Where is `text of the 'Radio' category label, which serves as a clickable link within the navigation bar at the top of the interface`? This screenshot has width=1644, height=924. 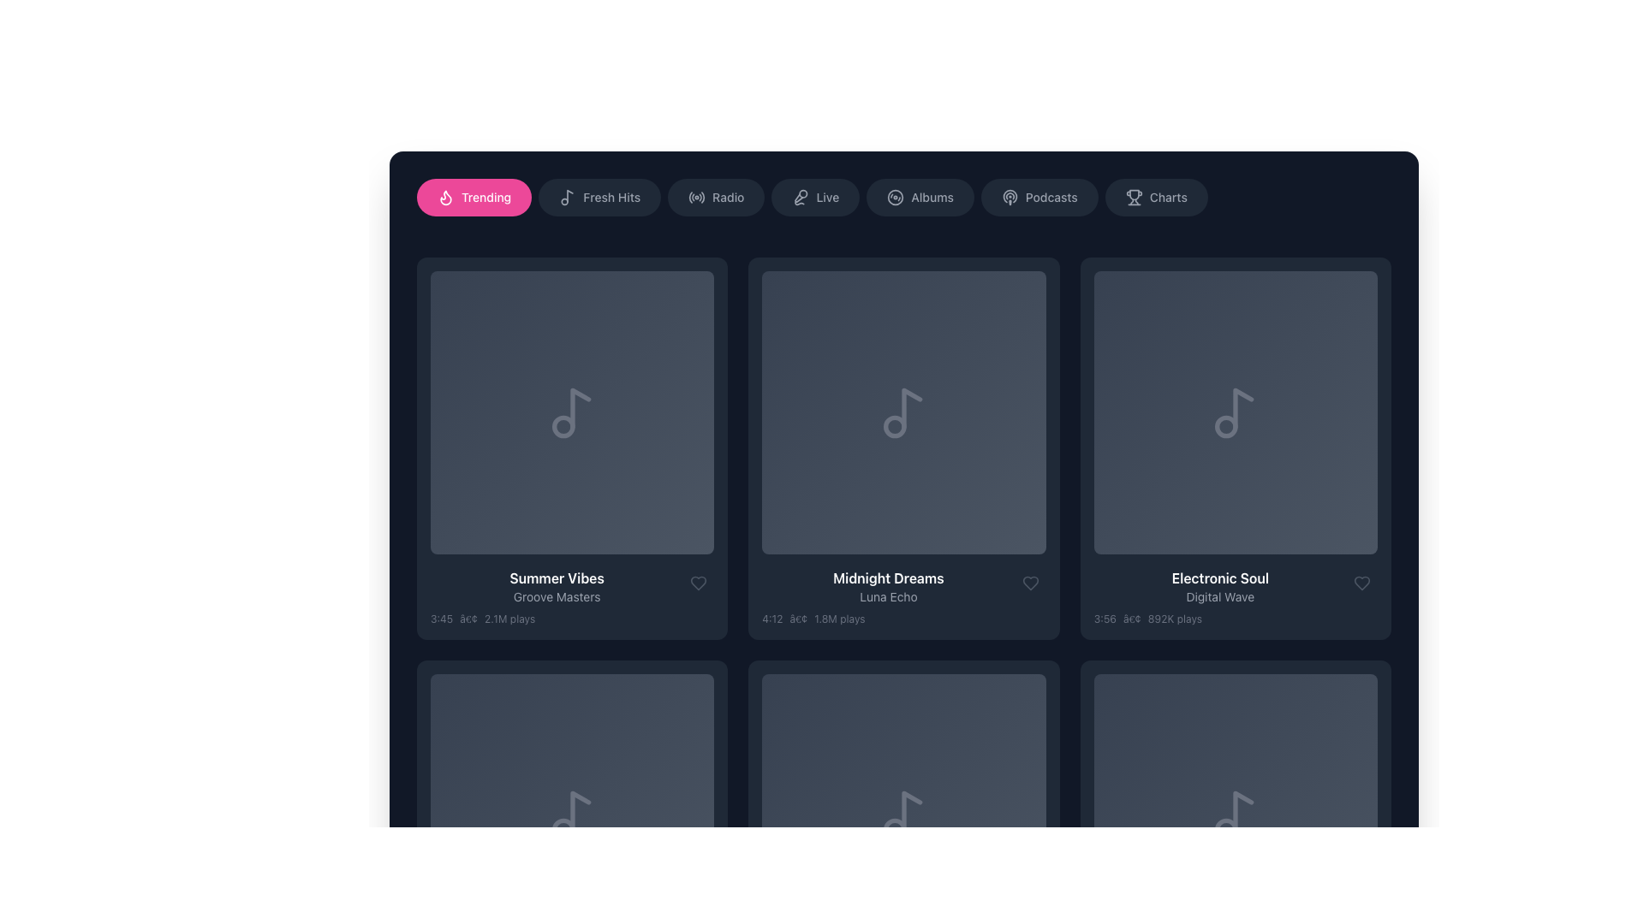
text of the 'Radio' category label, which serves as a clickable link within the navigation bar at the top of the interface is located at coordinates (728, 197).